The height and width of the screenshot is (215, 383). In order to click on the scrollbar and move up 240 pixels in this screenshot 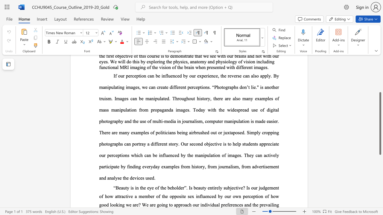, I will do `click(380, 123)`.